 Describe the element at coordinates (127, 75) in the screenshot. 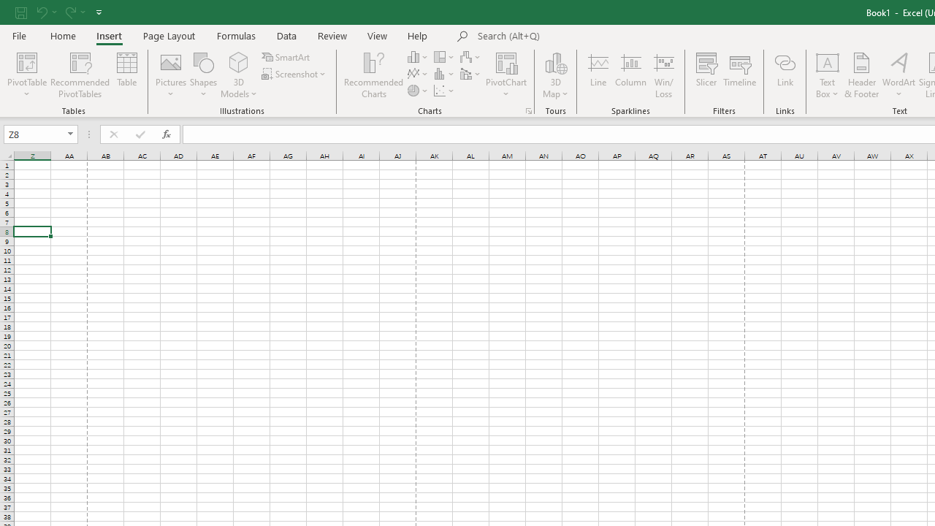

I see `'Table'` at that location.